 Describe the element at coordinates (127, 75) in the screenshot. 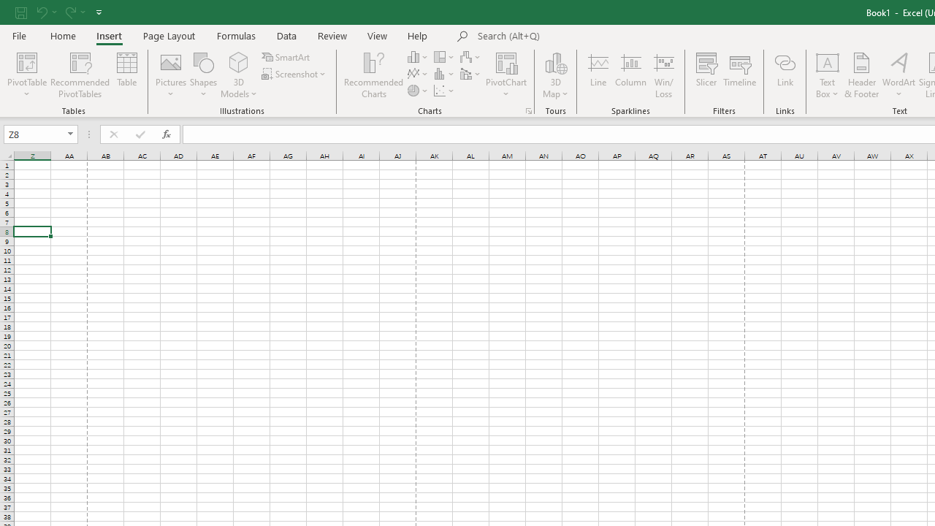

I see `'Table'` at that location.